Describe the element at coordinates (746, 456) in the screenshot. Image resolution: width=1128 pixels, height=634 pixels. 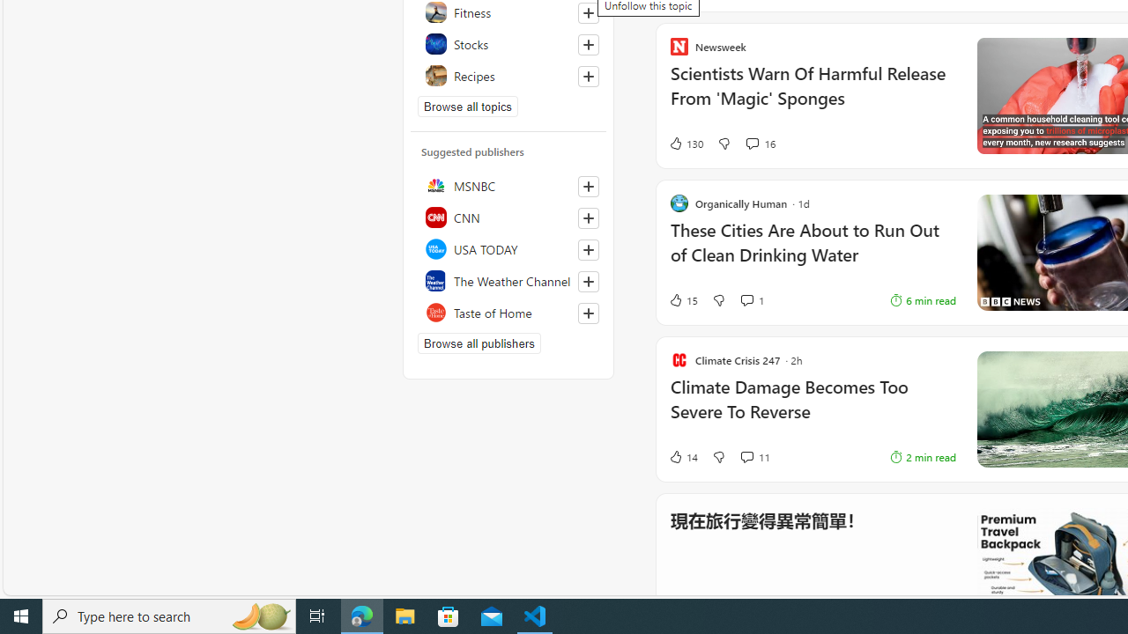
I see `'View comments 11 Comment'` at that location.